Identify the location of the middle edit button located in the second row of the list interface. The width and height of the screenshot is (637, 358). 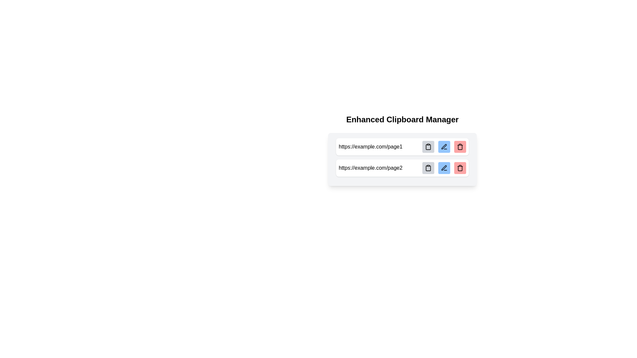
(444, 167).